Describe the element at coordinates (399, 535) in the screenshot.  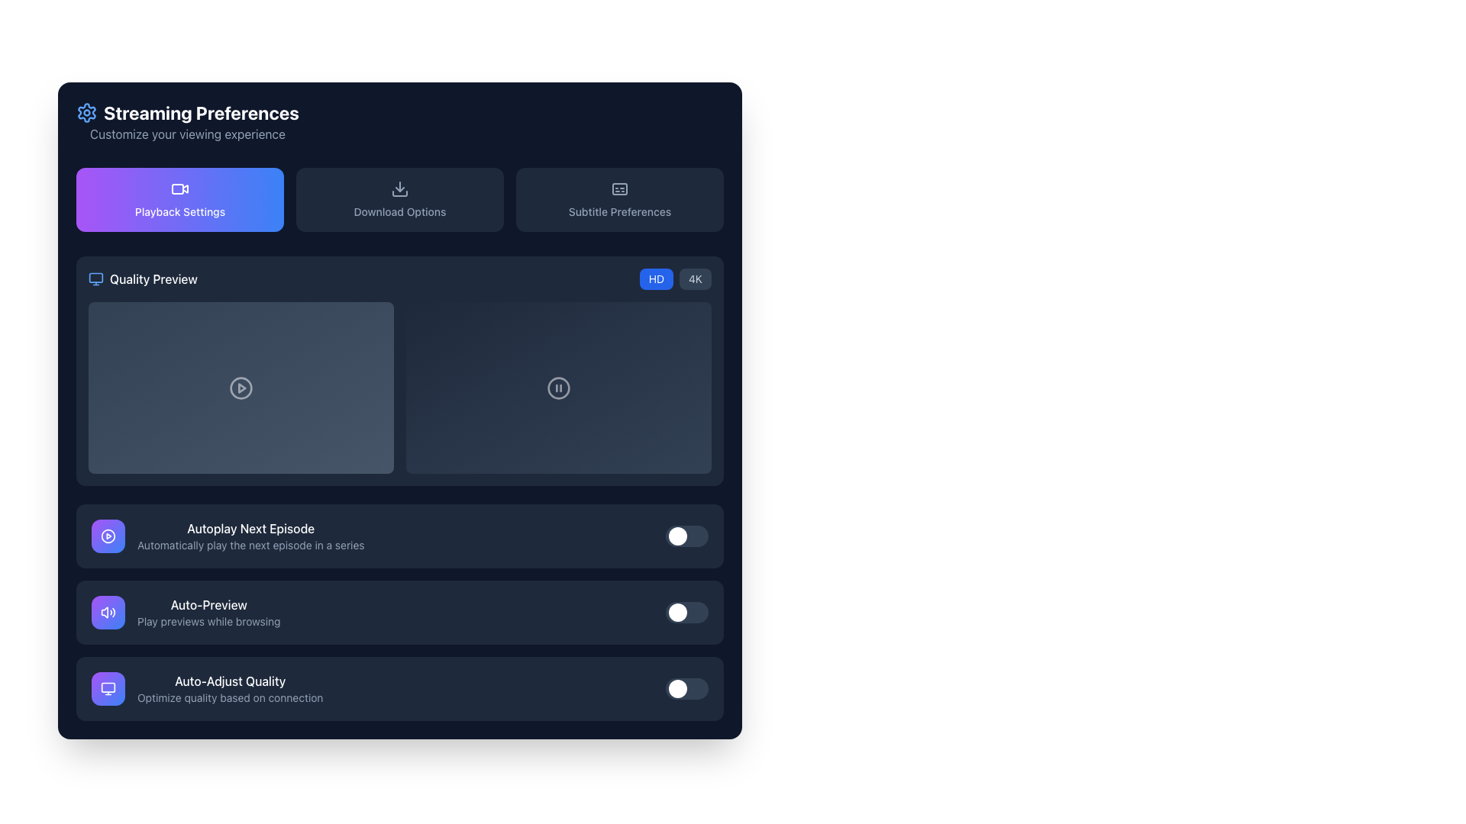
I see `the Interactive Toggle Control for 'Autoplay Next Episode'` at that location.